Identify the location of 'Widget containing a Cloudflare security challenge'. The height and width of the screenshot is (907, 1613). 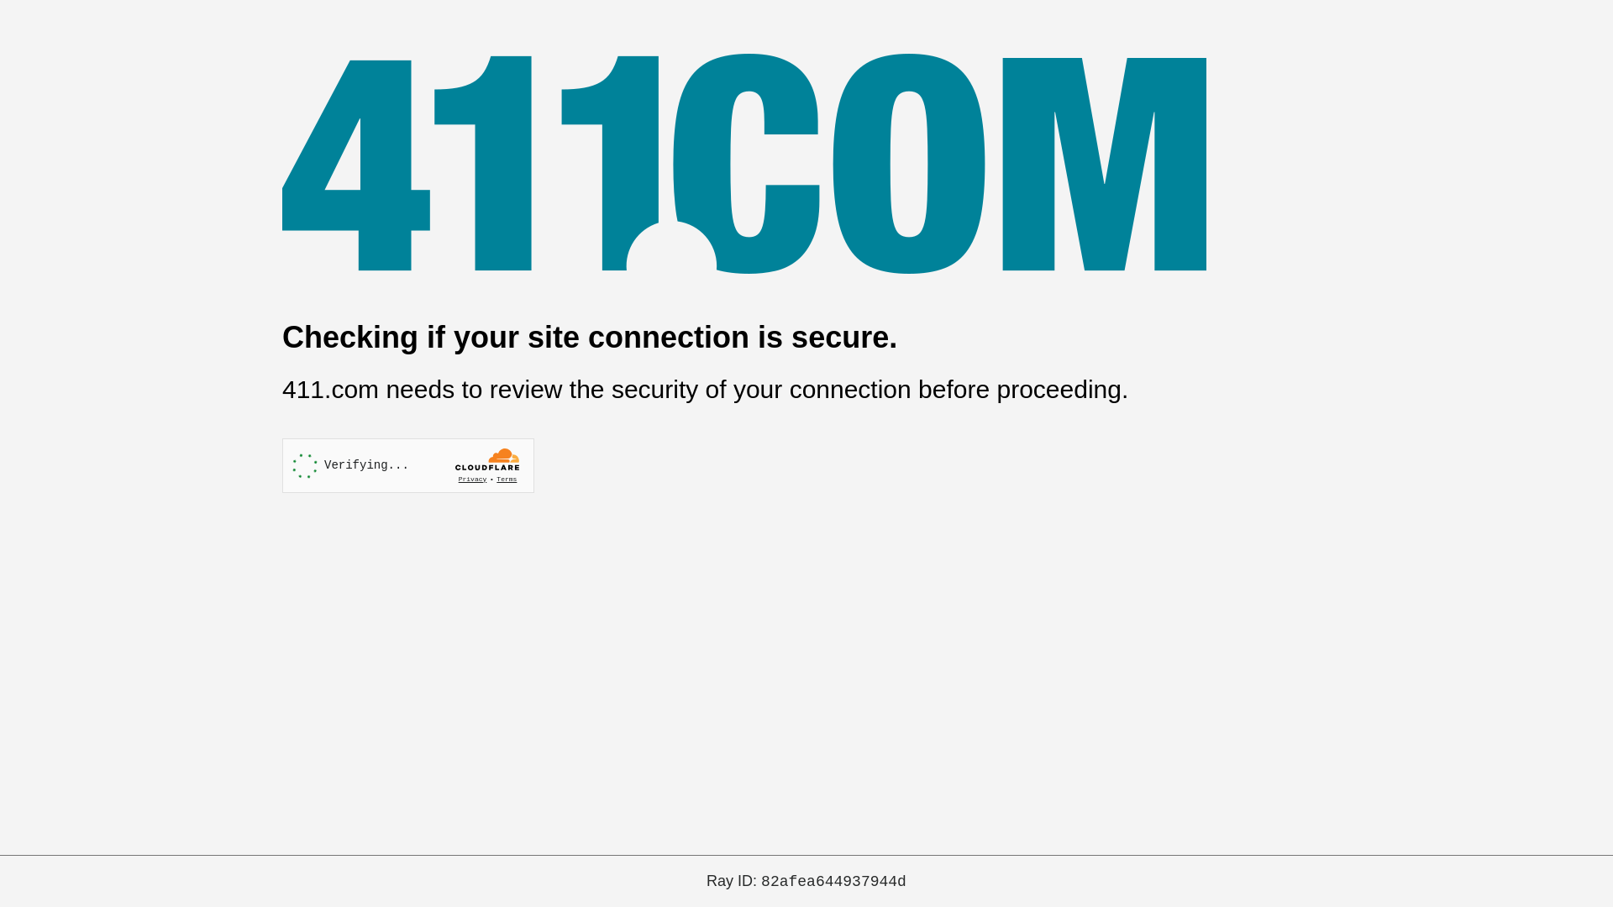
(407, 465).